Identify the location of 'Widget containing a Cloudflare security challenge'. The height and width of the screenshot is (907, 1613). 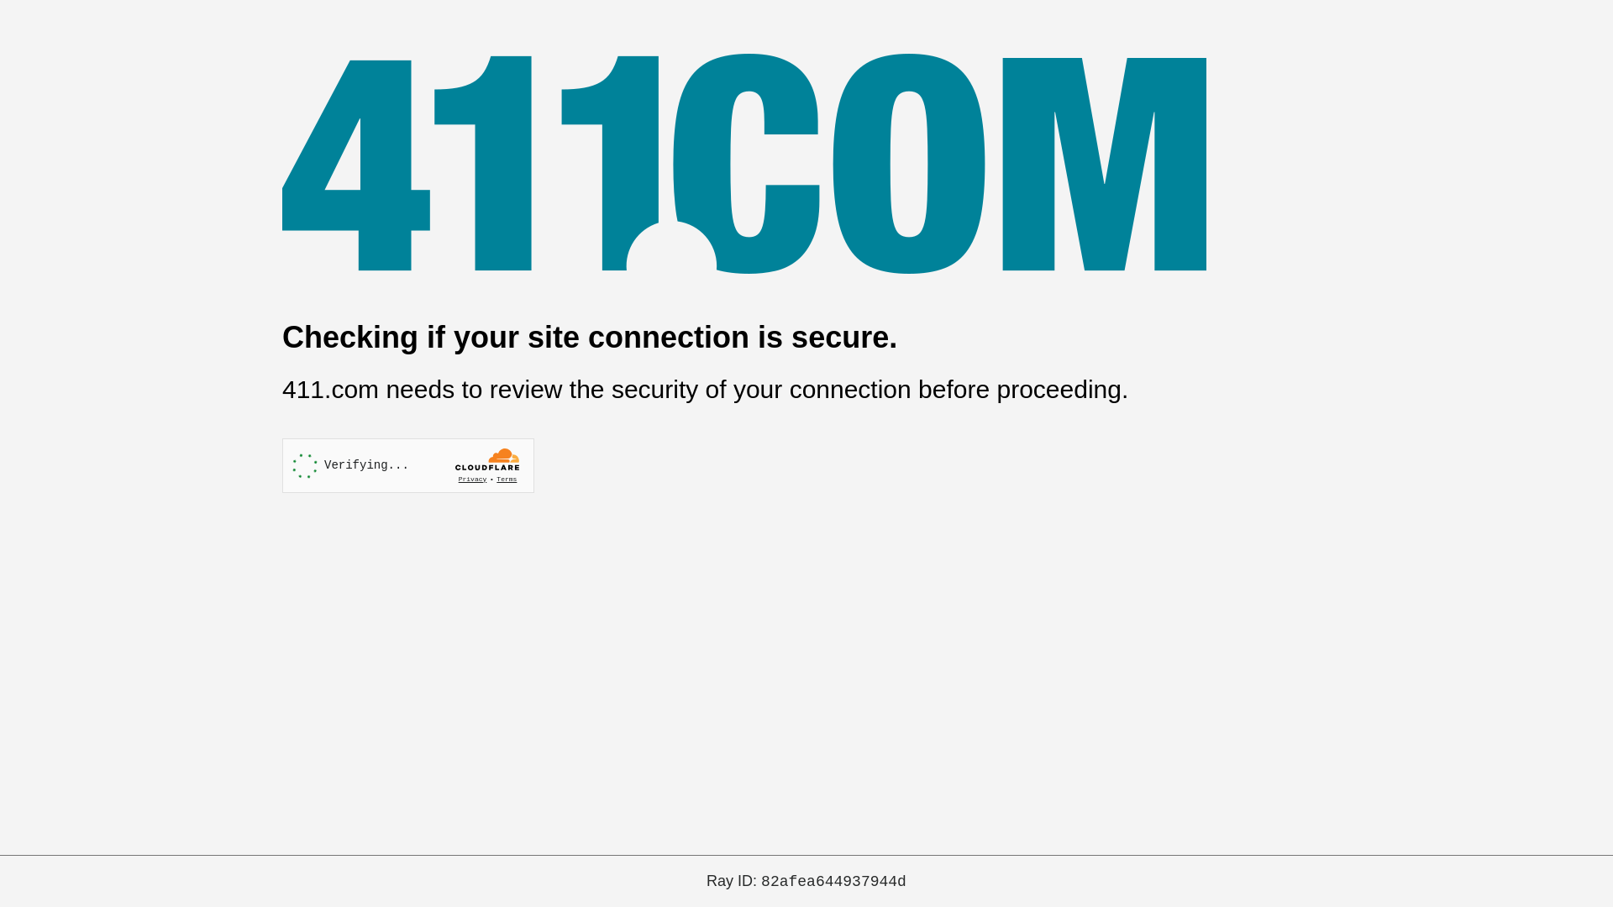
(407, 465).